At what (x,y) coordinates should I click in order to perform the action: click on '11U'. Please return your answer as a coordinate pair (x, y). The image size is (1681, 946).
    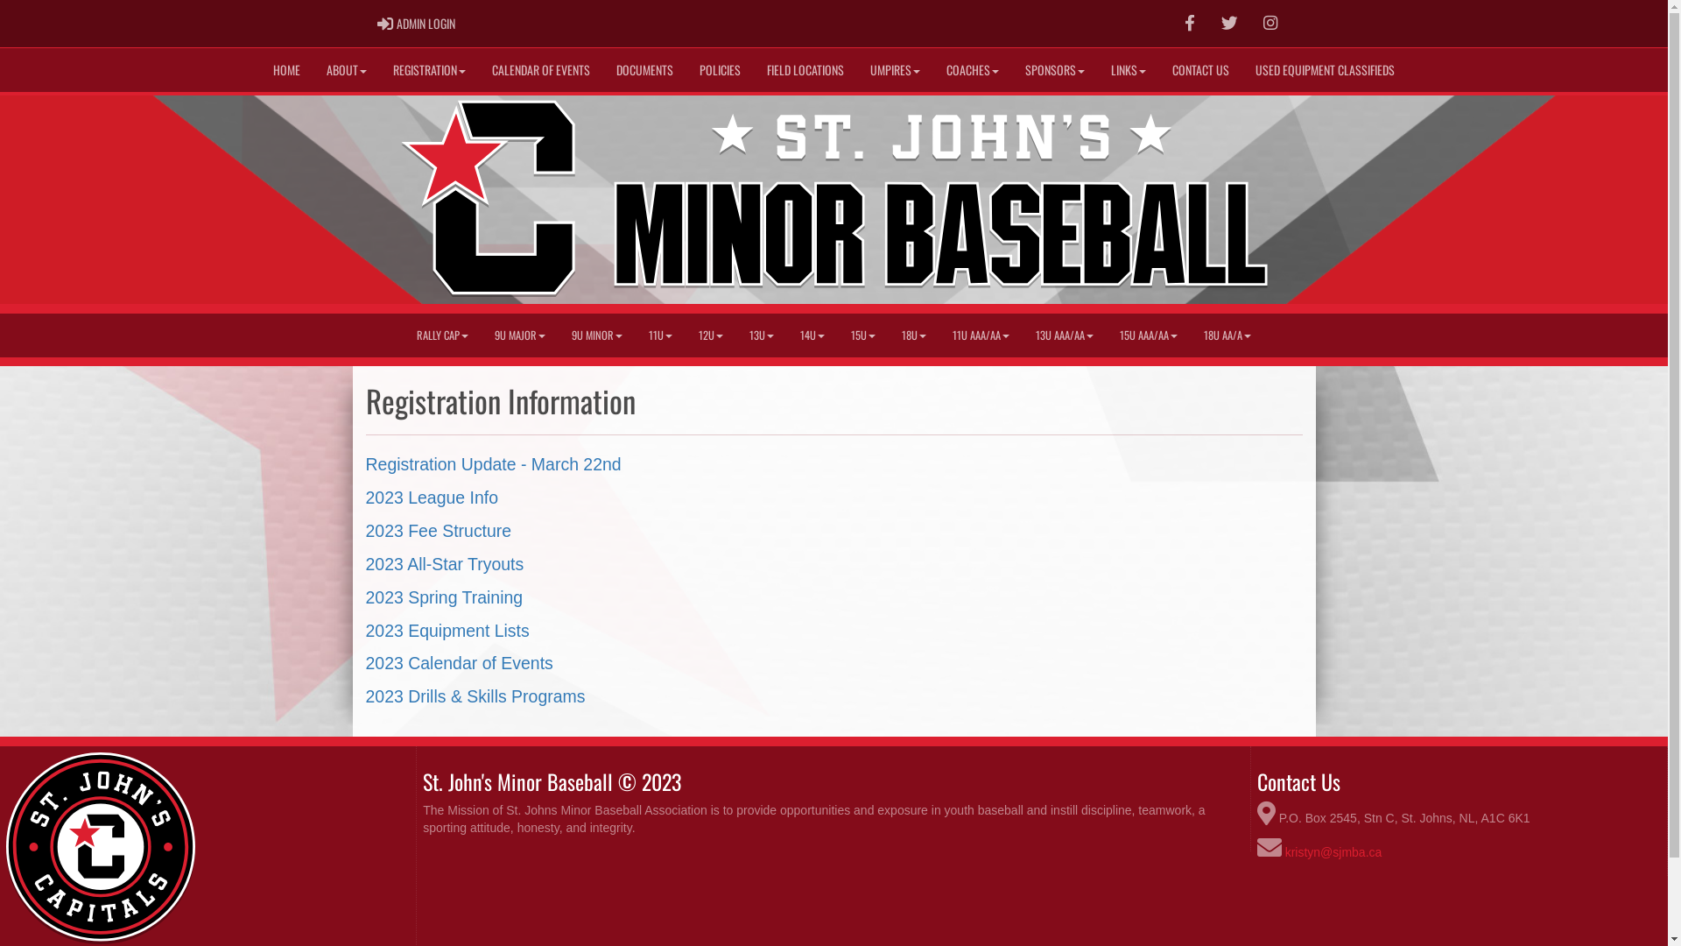
    Looking at the image, I should click on (659, 335).